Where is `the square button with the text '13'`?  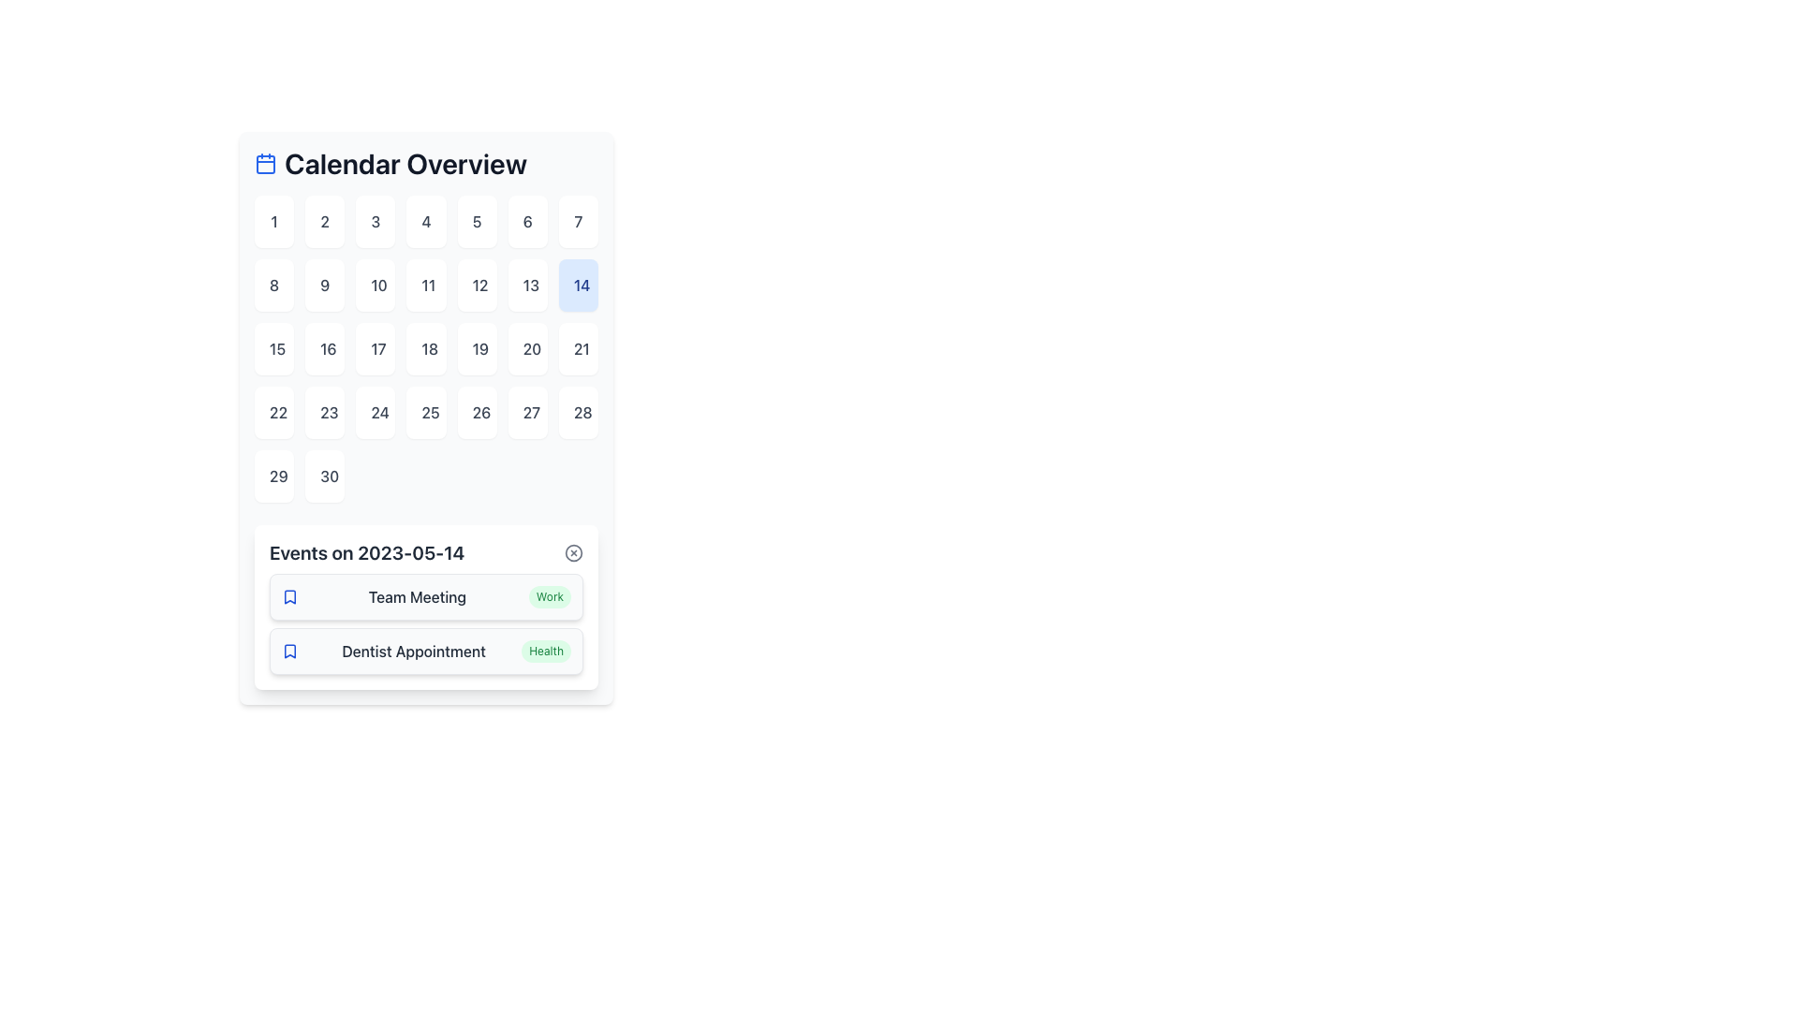
the square button with the text '13' is located at coordinates (526, 285).